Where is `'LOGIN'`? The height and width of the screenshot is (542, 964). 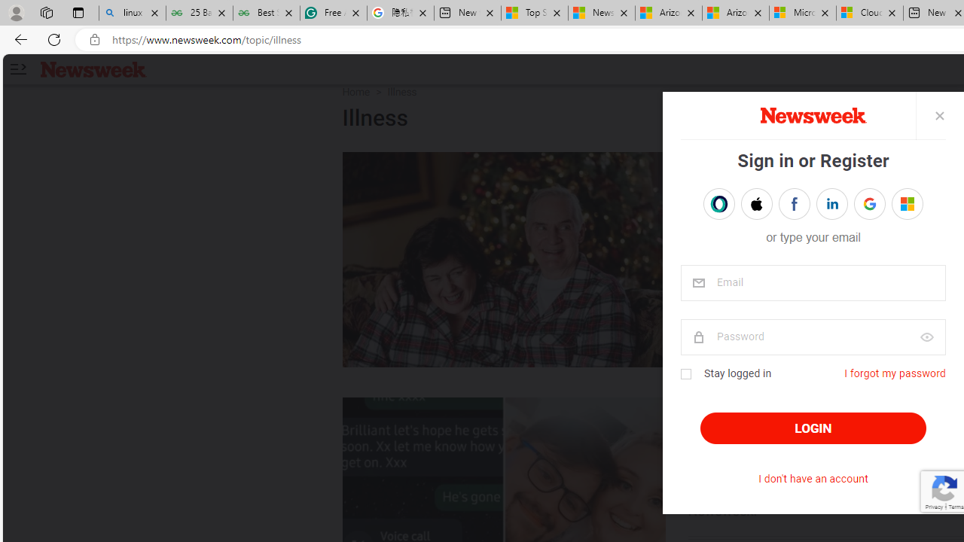
'LOGIN' is located at coordinates (812, 428).